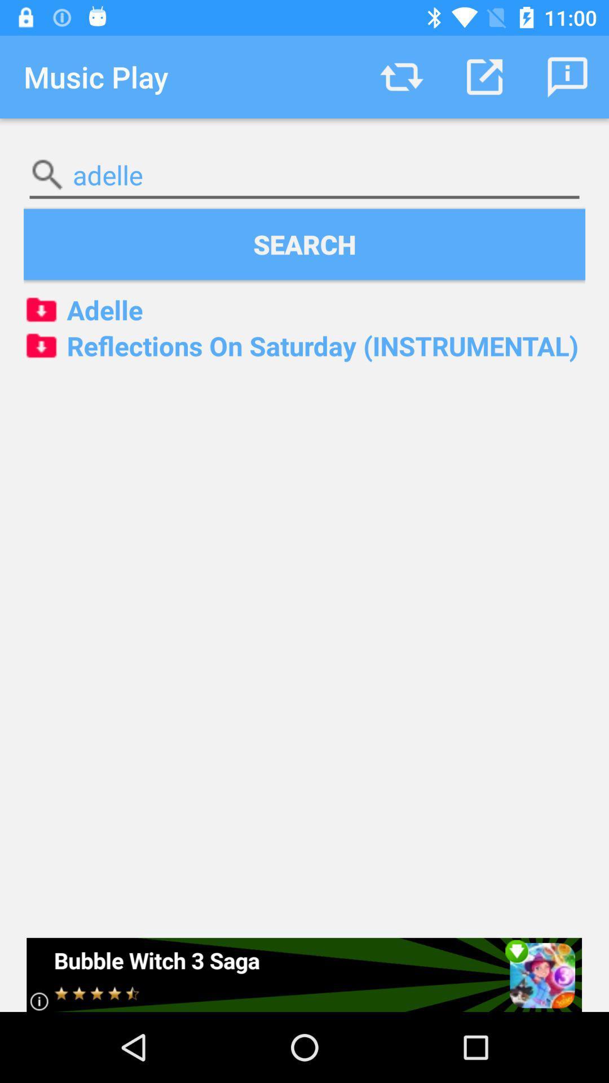 This screenshot has height=1083, width=609. I want to click on icon above adelle icon, so click(484, 76).